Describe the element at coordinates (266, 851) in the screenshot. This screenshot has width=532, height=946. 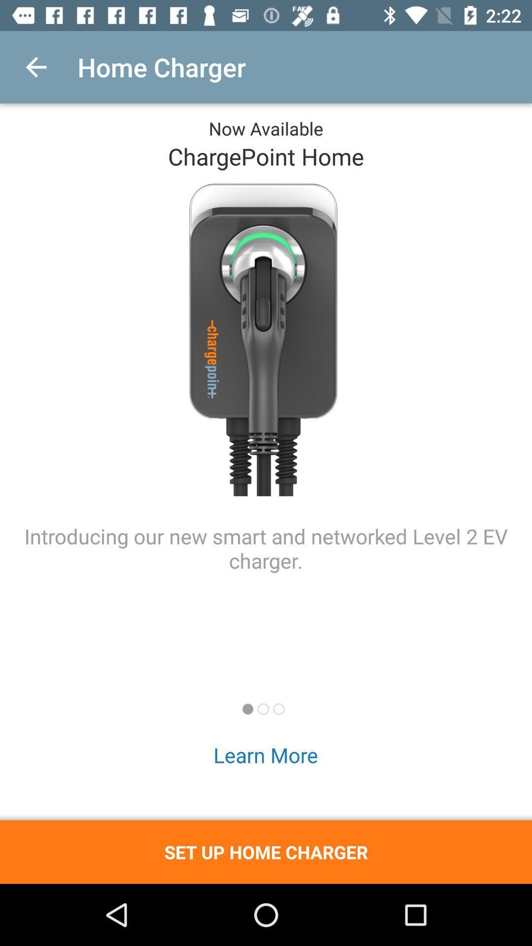
I see `set up home` at that location.